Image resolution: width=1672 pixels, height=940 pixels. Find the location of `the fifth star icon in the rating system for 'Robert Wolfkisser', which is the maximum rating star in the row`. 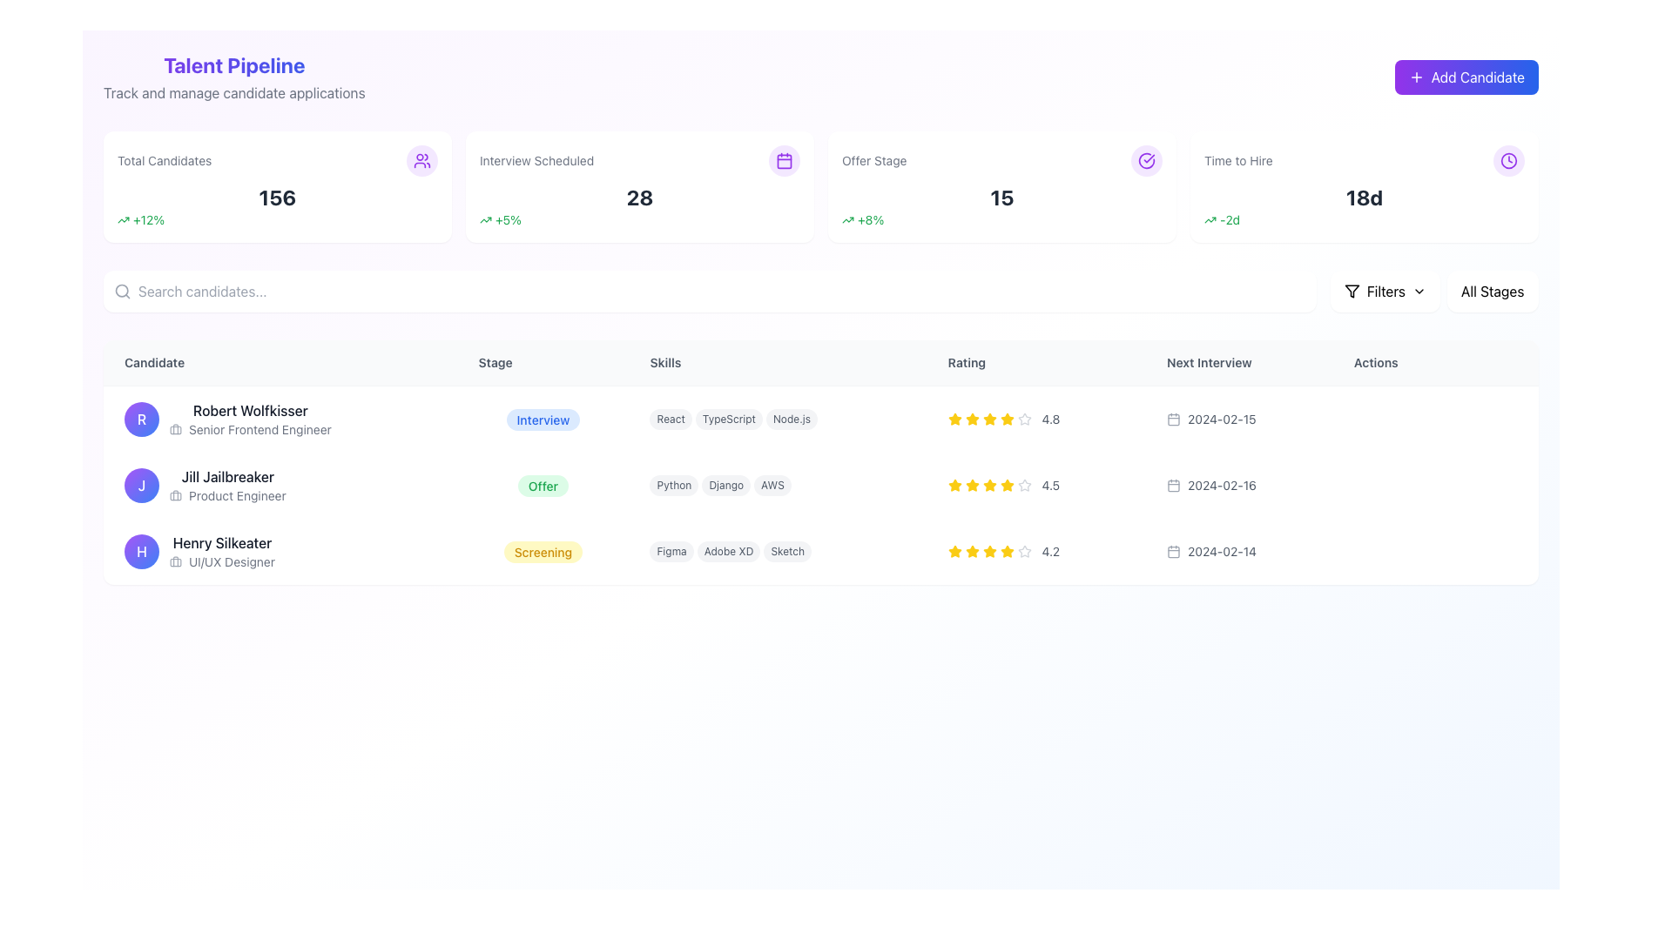

the fifth star icon in the rating system for 'Robert Wolfkisser', which is the maximum rating star in the row is located at coordinates (1007, 420).